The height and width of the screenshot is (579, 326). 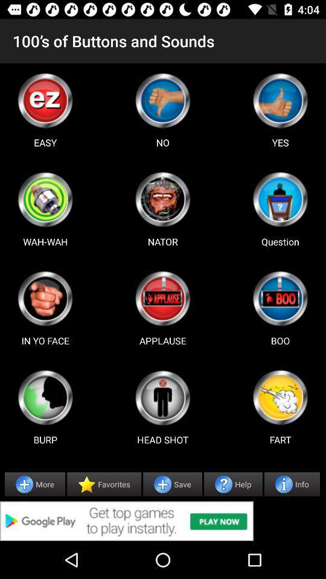 What do you see at coordinates (162, 298) in the screenshot?
I see `applause sound` at bounding box center [162, 298].